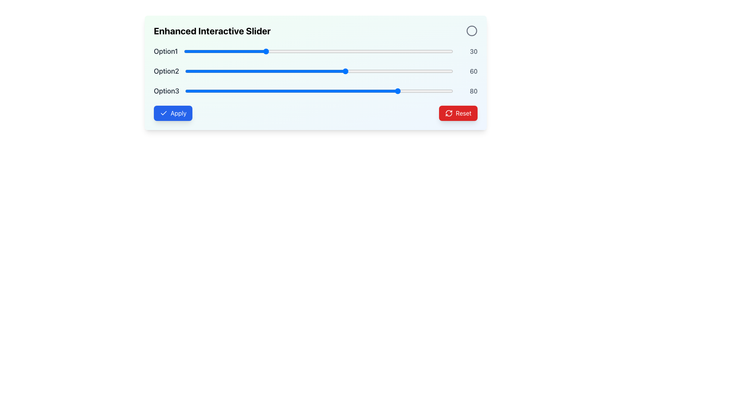  I want to click on the thumb control of the Range slider, which is located in the second row labeled 'Option2', so click(319, 71).